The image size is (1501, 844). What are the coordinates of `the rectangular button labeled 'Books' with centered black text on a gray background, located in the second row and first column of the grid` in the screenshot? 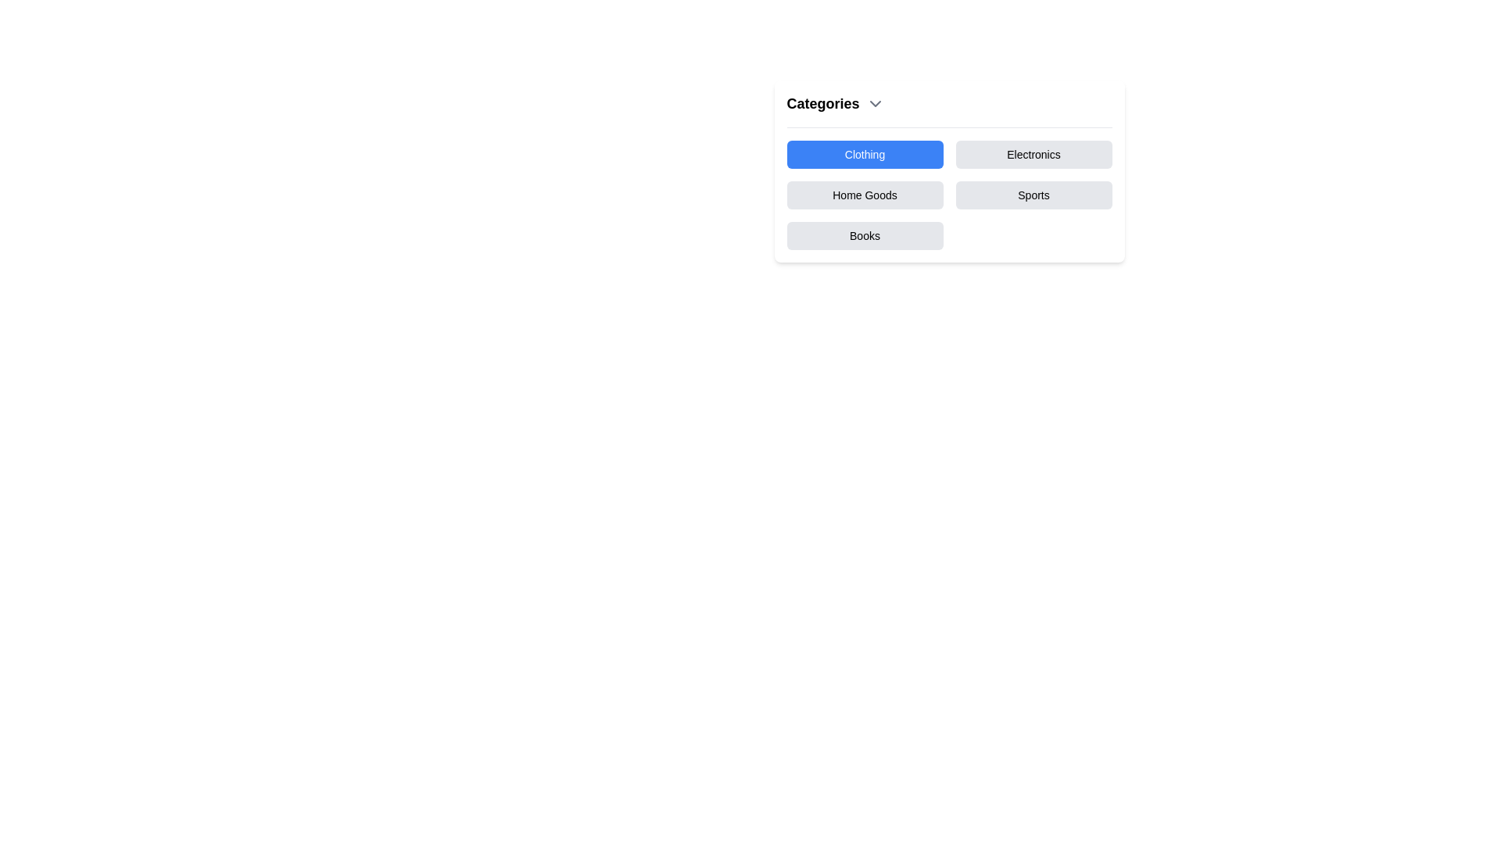 It's located at (864, 235).